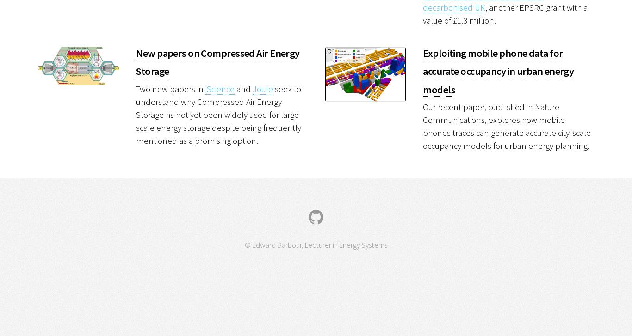 The height and width of the screenshot is (336, 632). Describe the element at coordinates (316, 244) in the screenshot. I see `'© Edward Barbour, Lecturer in Energy Systems'` at that location.